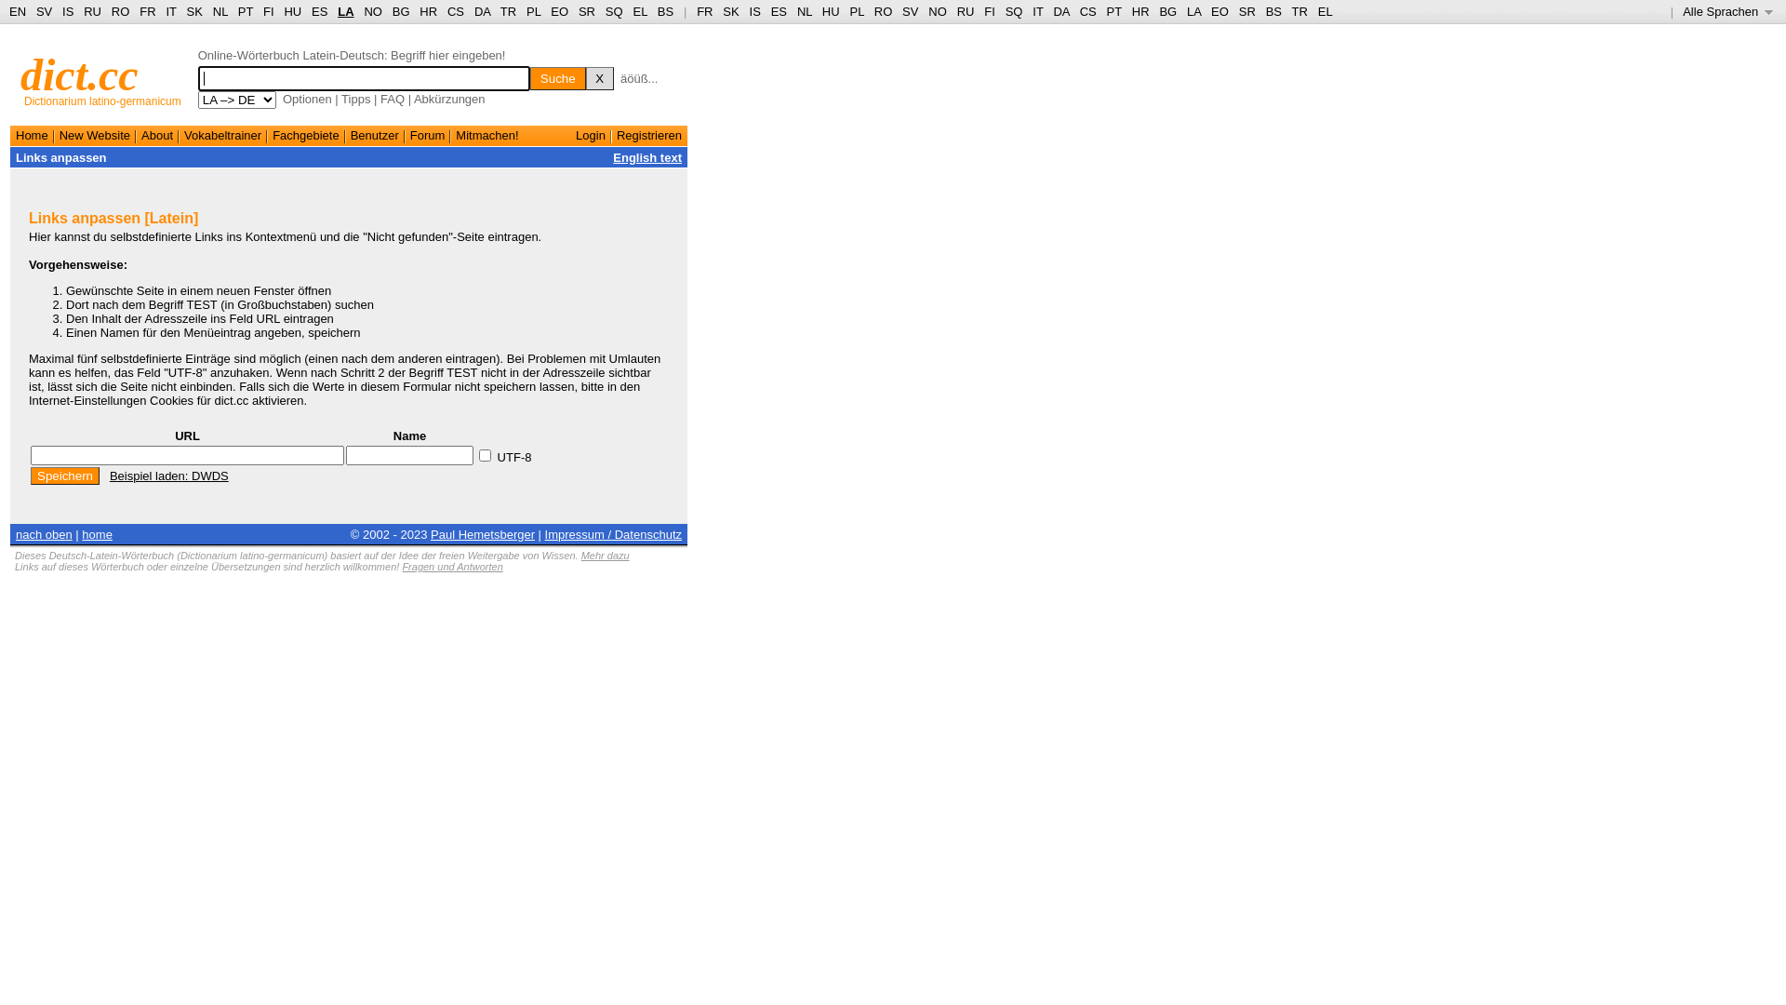 The image size is (1786, 1005). What do you see at coordinates (549, 11) in the screenshot?
I see `'EO'` at bounding box center [549, 11].